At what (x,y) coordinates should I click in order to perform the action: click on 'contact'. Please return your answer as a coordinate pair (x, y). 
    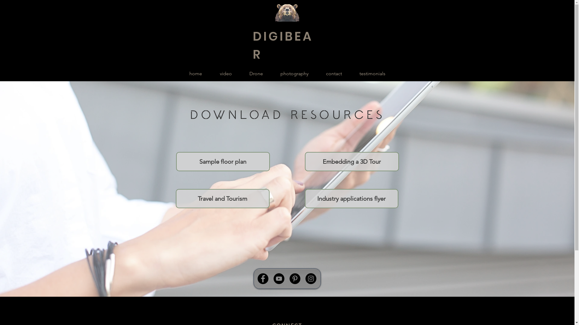
    Looking at the image, I should click on (334, 73).